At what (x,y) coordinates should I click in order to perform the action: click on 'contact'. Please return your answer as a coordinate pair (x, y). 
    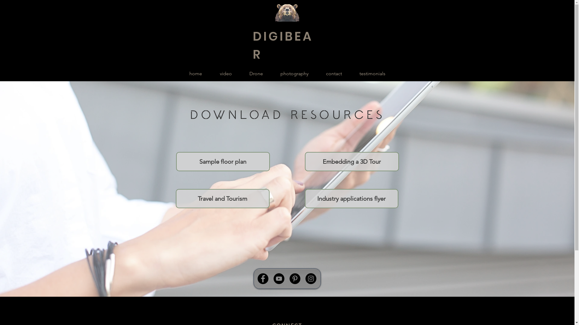
    Looking at the image, I should click on (334, 73).